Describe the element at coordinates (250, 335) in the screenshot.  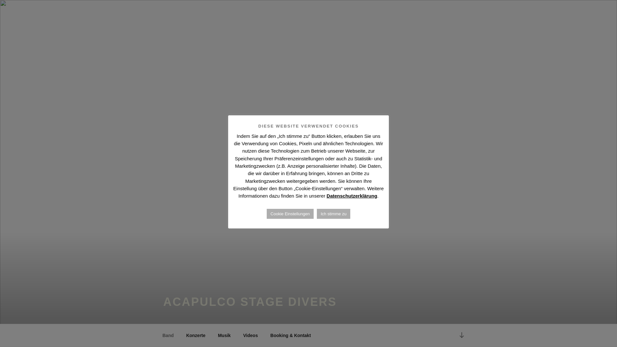
I see `'Videos'` at that location.